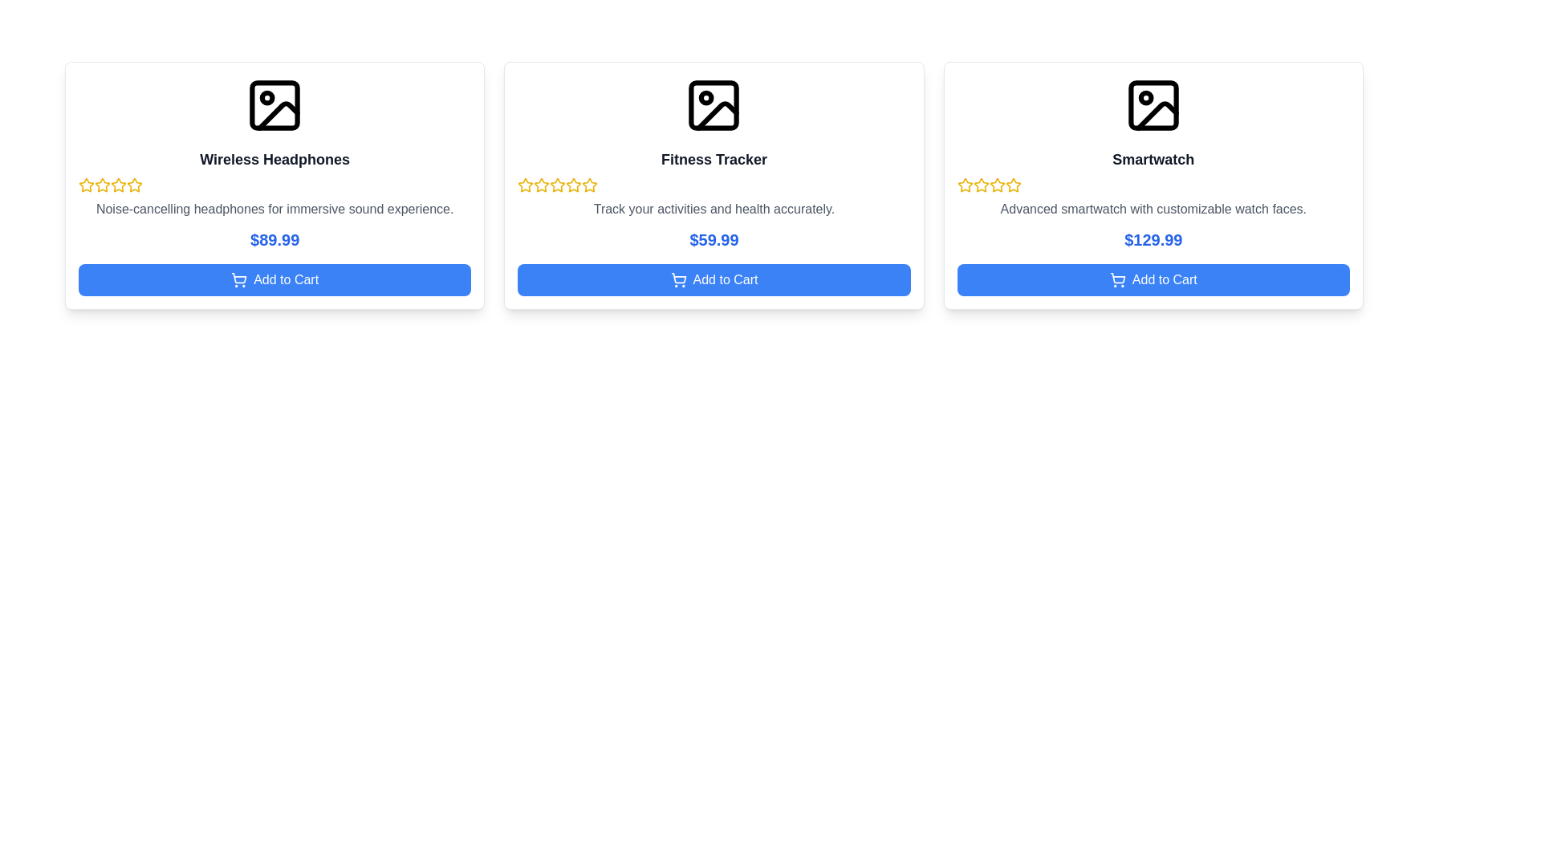 This screenshot has width=1541, height=867. What do you see at coordinates (713, 279) in the screenshot?
I see `the 'Add to Cart' button, which is a rectangular blue button with rounded corners and white text, located at the bottom of the product card for 'Fitness Tracker'` at bounding box center [713, 279].